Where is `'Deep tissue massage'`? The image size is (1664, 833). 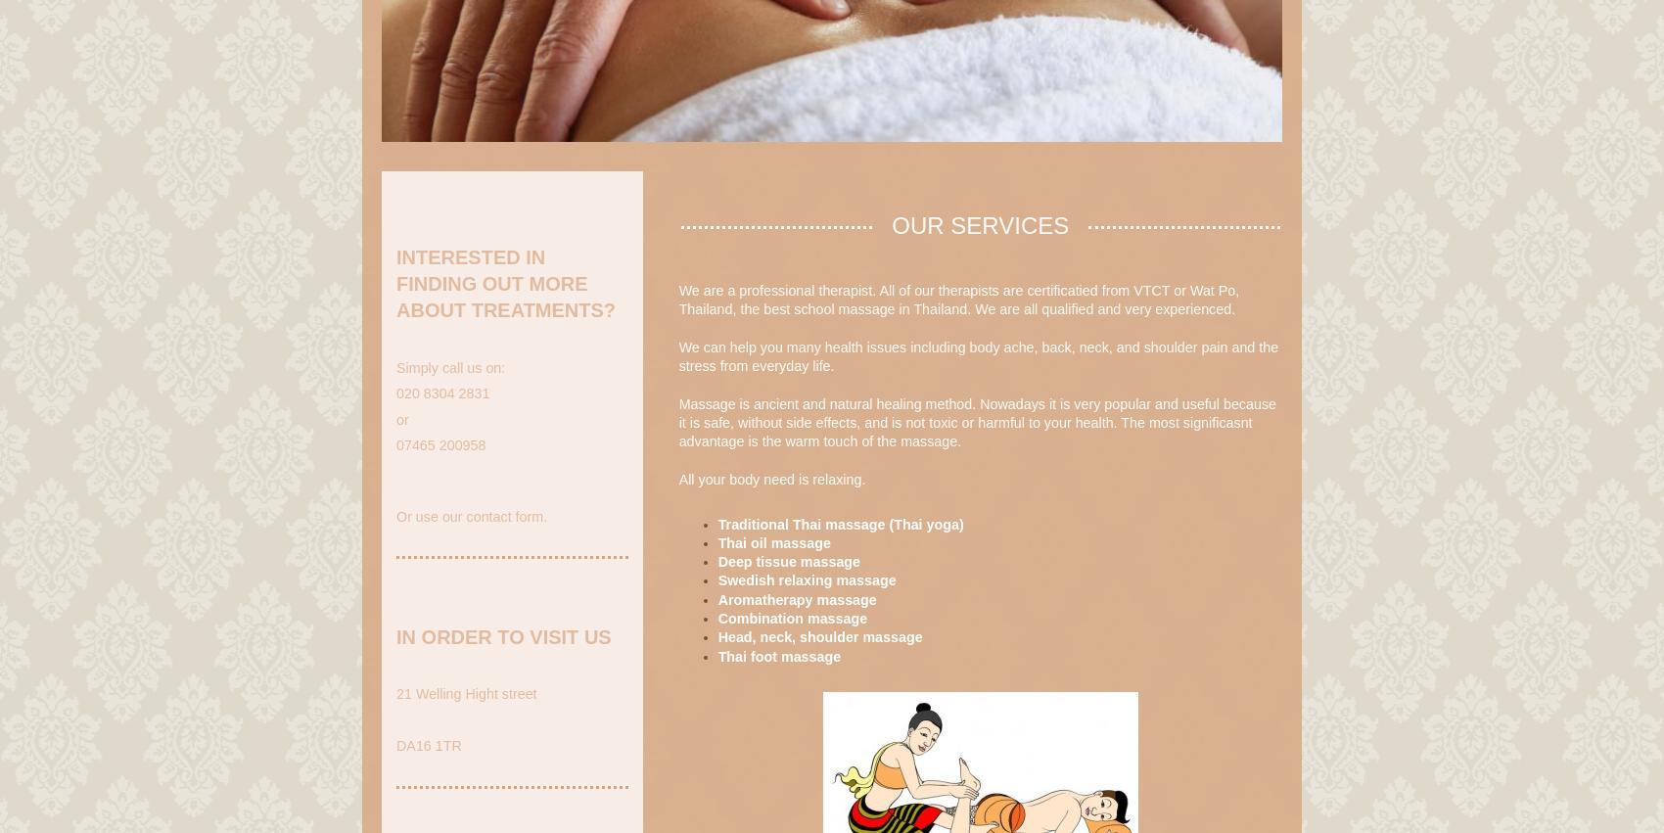
'Deep tissue massage' is located at coordinates (787, 560).